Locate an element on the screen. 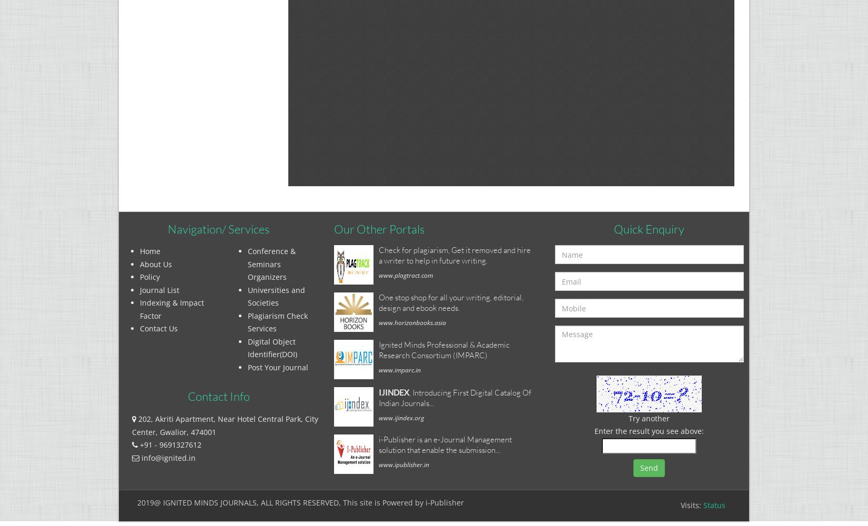  'Home' is located at coordinates (150, 250).